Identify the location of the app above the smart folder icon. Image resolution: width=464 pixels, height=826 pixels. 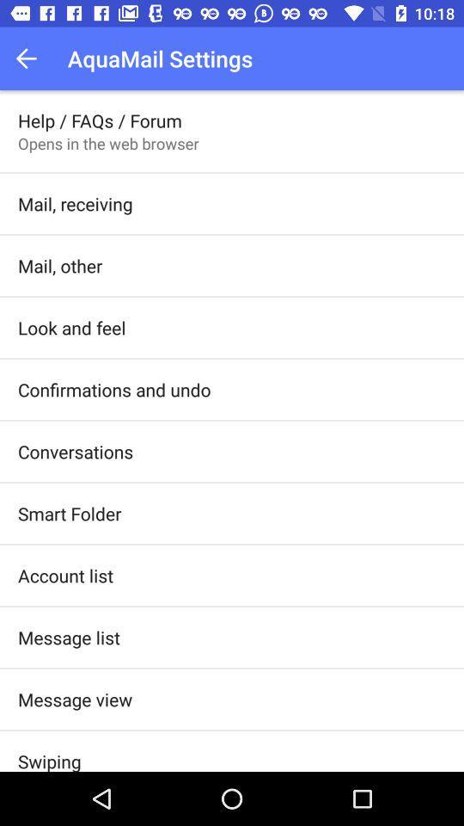
(75, 451).